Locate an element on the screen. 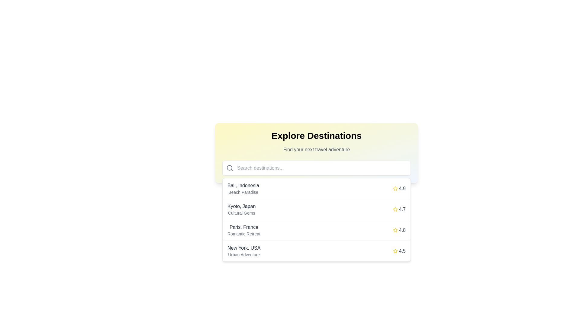 This screenshot has width=580, height=326. the yellow star-shaped icon located beside the destination titled 'Kyoto, Japan' is located at coordinates (395, 209).